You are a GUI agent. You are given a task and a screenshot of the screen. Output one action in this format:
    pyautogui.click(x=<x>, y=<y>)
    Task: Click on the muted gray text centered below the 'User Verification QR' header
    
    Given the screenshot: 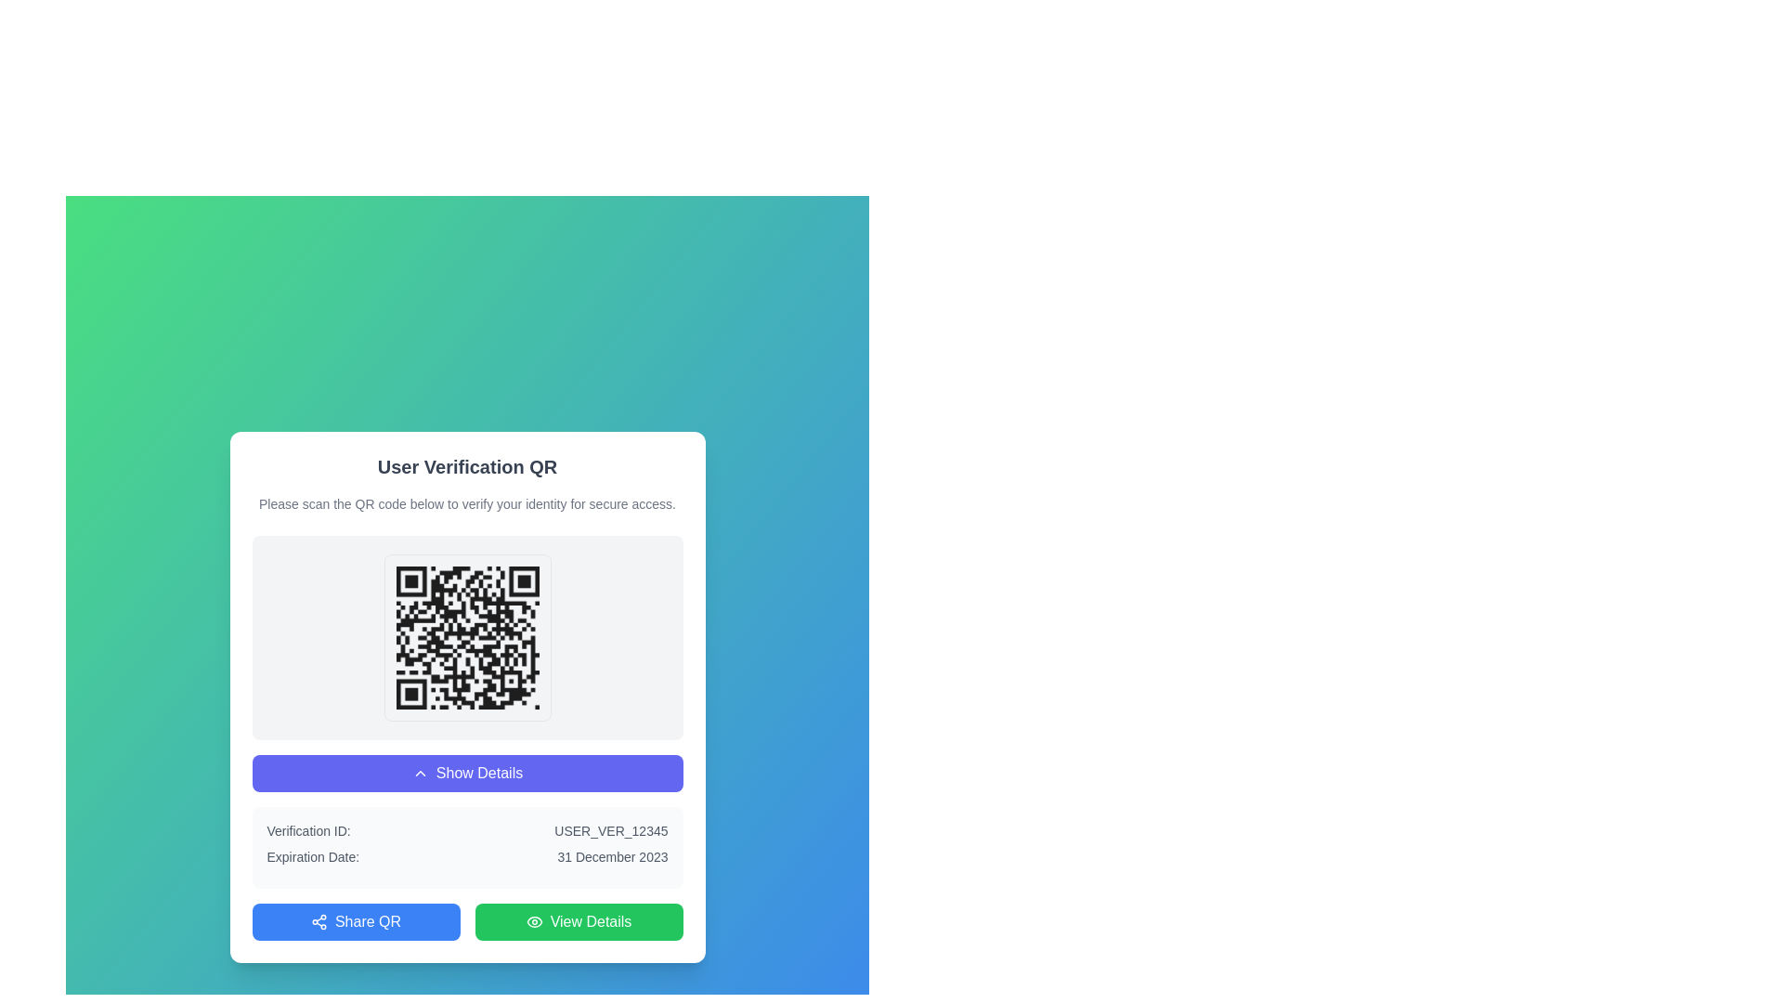 What is the action you would take?
    pyautogui.click(x=467, y=504)
    